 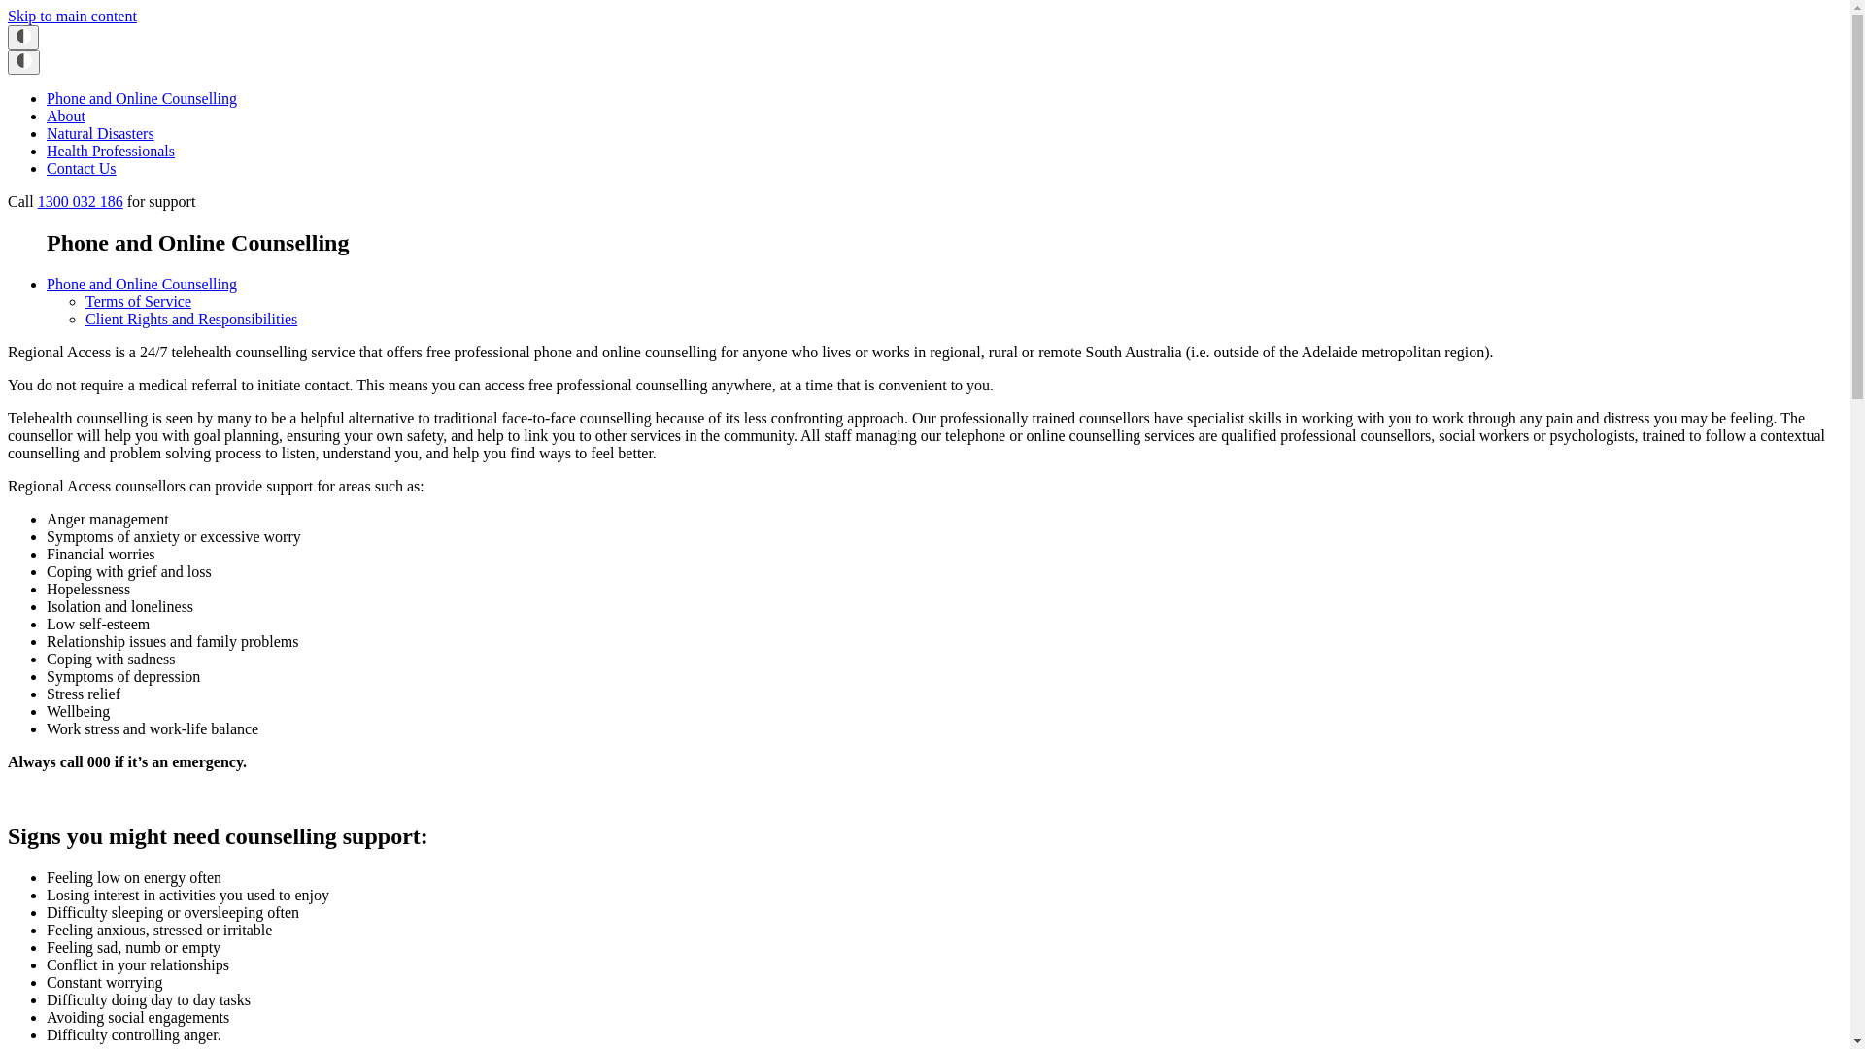 I want to click on '1300 032 186', so click(x=79, y=201).